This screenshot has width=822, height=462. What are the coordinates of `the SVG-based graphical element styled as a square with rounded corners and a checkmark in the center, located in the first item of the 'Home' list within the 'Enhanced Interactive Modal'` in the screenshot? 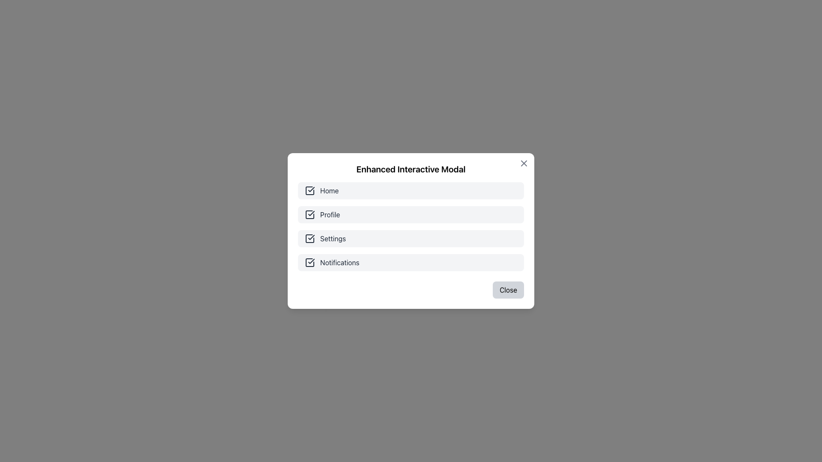 It's located at (310, 190).